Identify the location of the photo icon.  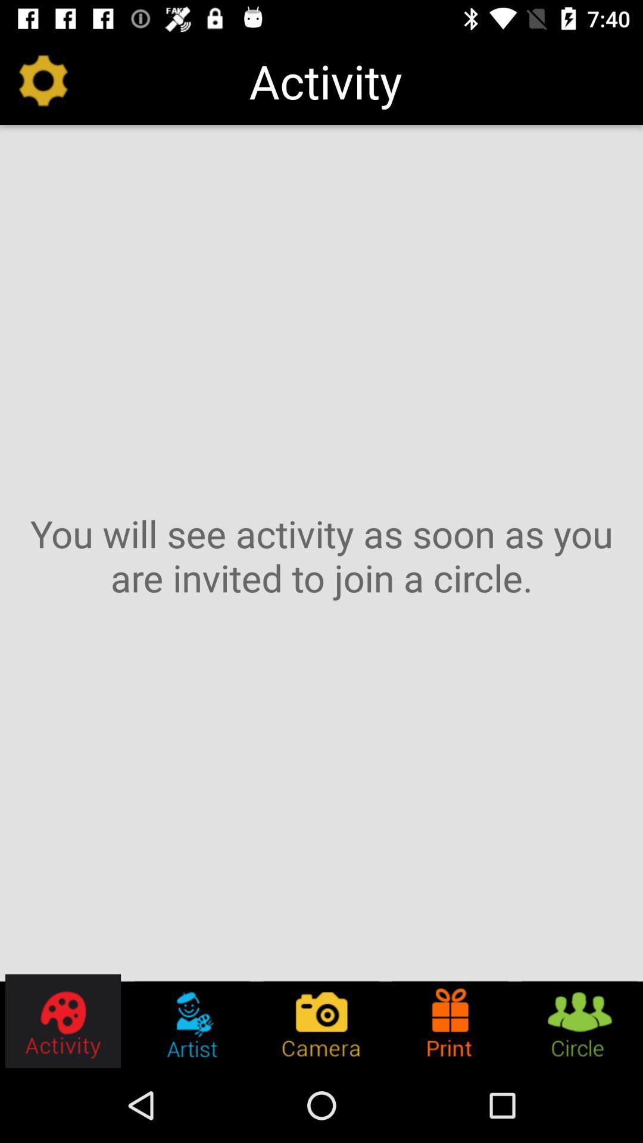
(320, 1020).